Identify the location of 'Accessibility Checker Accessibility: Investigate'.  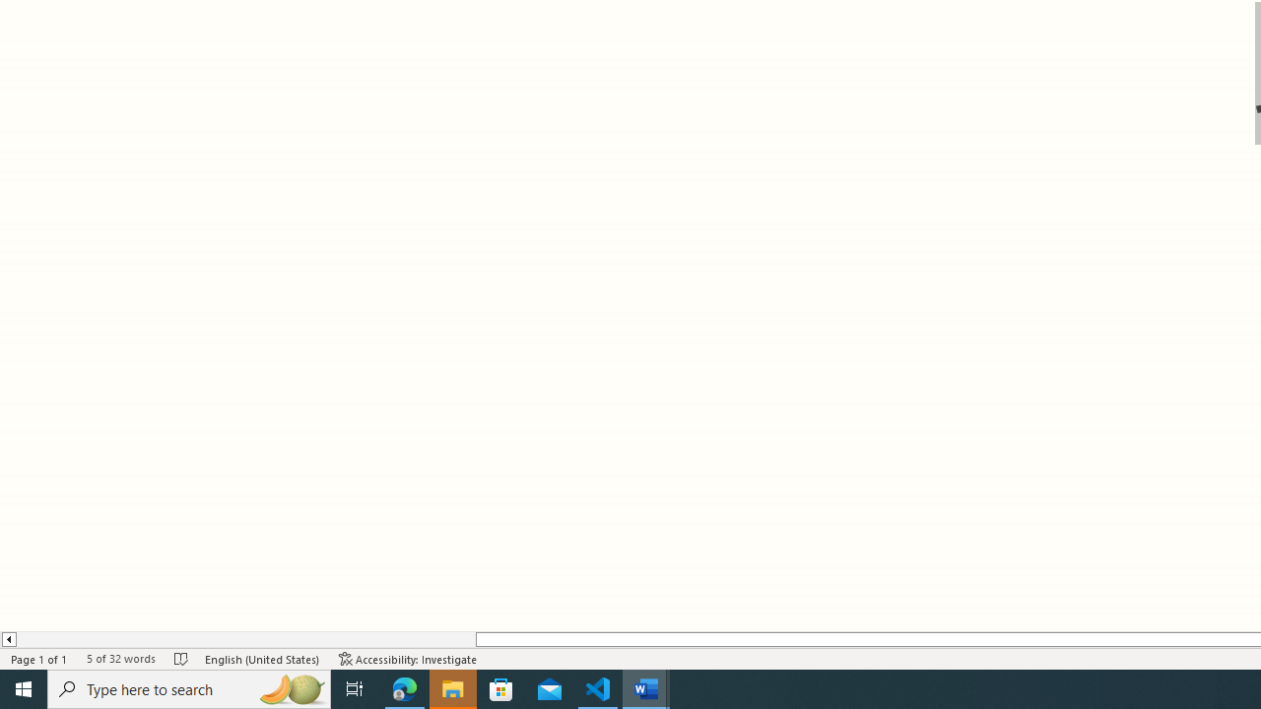
(407, 659).